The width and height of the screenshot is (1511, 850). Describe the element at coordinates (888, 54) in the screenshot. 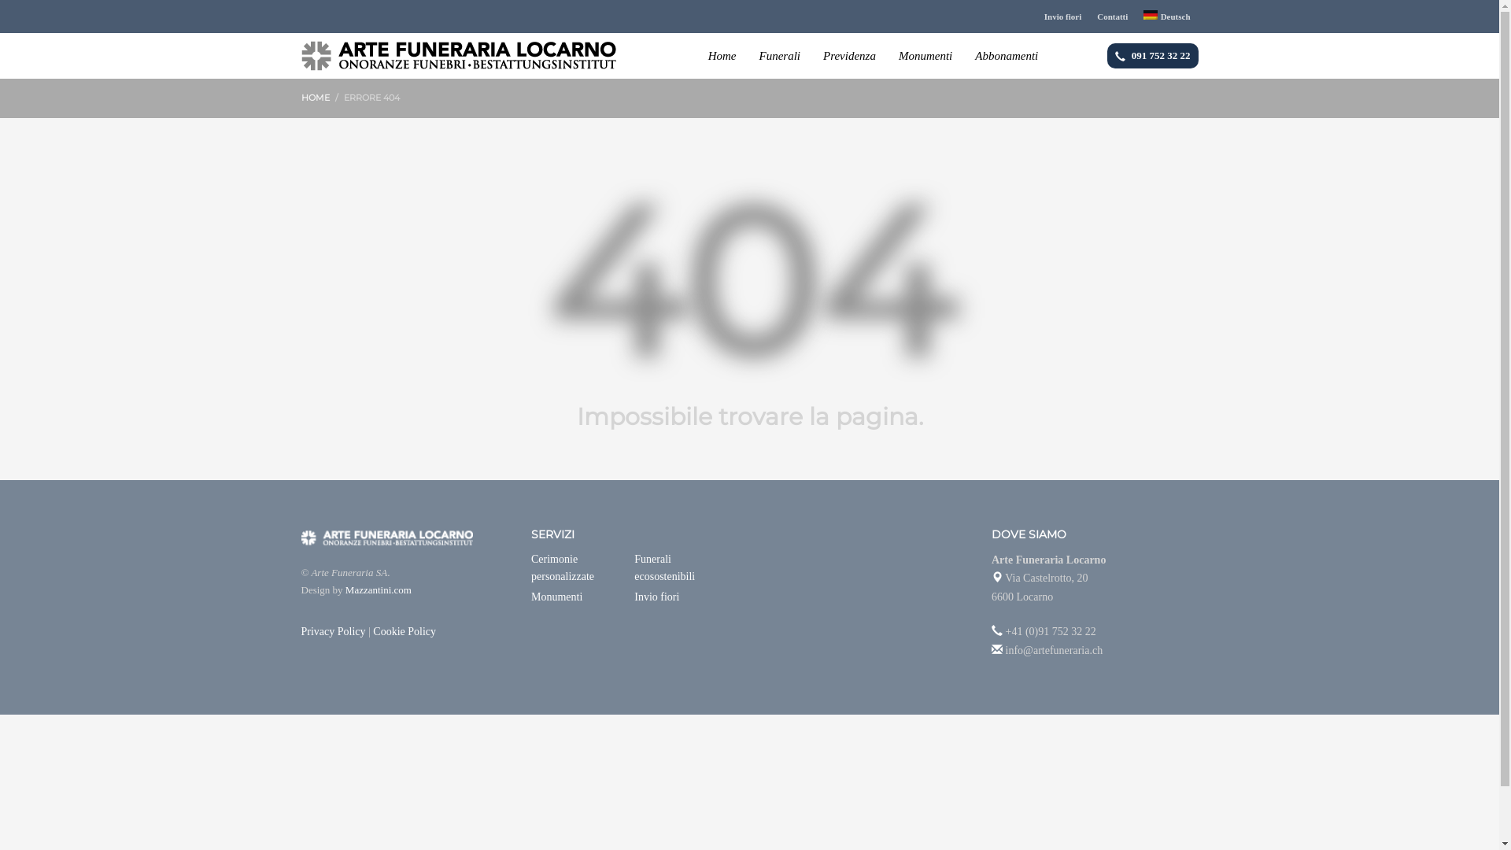

I see `'Monumenti'` at that location.